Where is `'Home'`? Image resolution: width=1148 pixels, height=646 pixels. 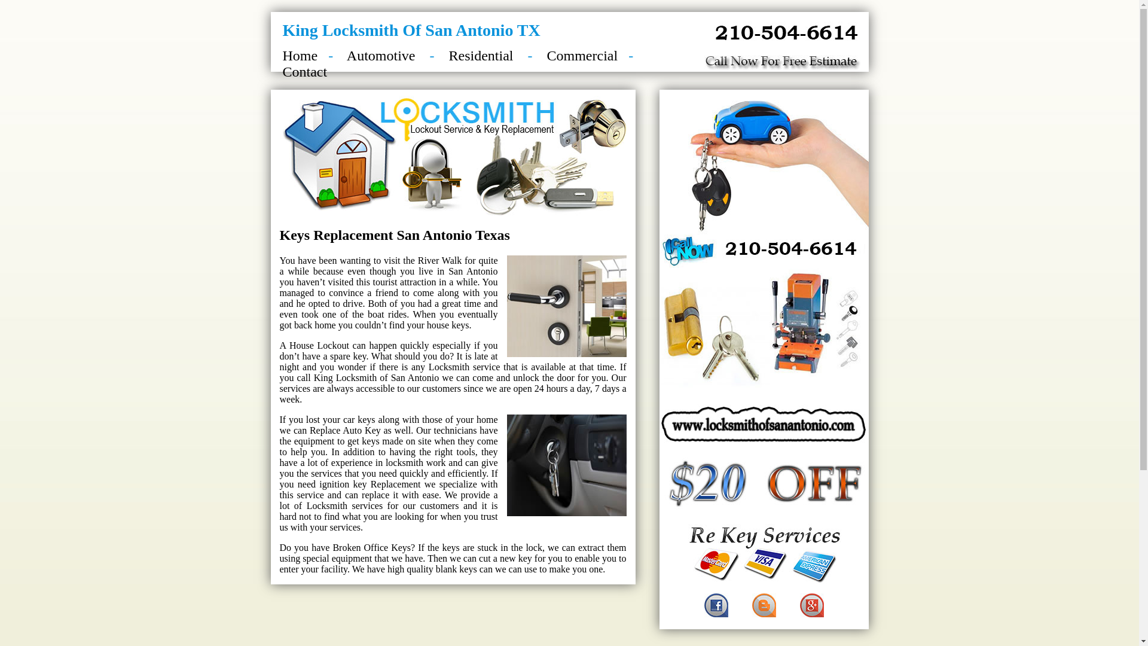
'Home' is located at coordinates (300, 55).